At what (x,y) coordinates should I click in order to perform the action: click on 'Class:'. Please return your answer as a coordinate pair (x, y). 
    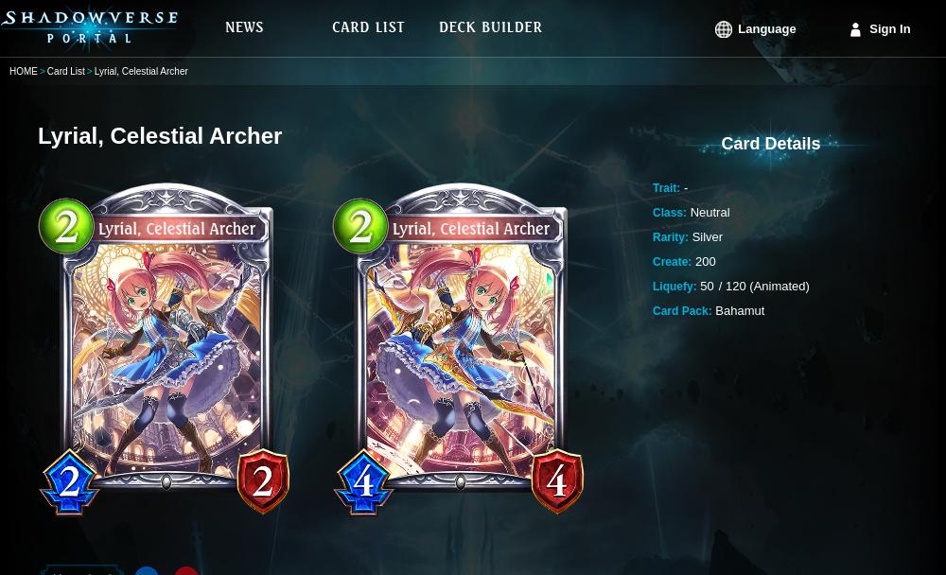
    Looking at the image, I should click on (669, 212).